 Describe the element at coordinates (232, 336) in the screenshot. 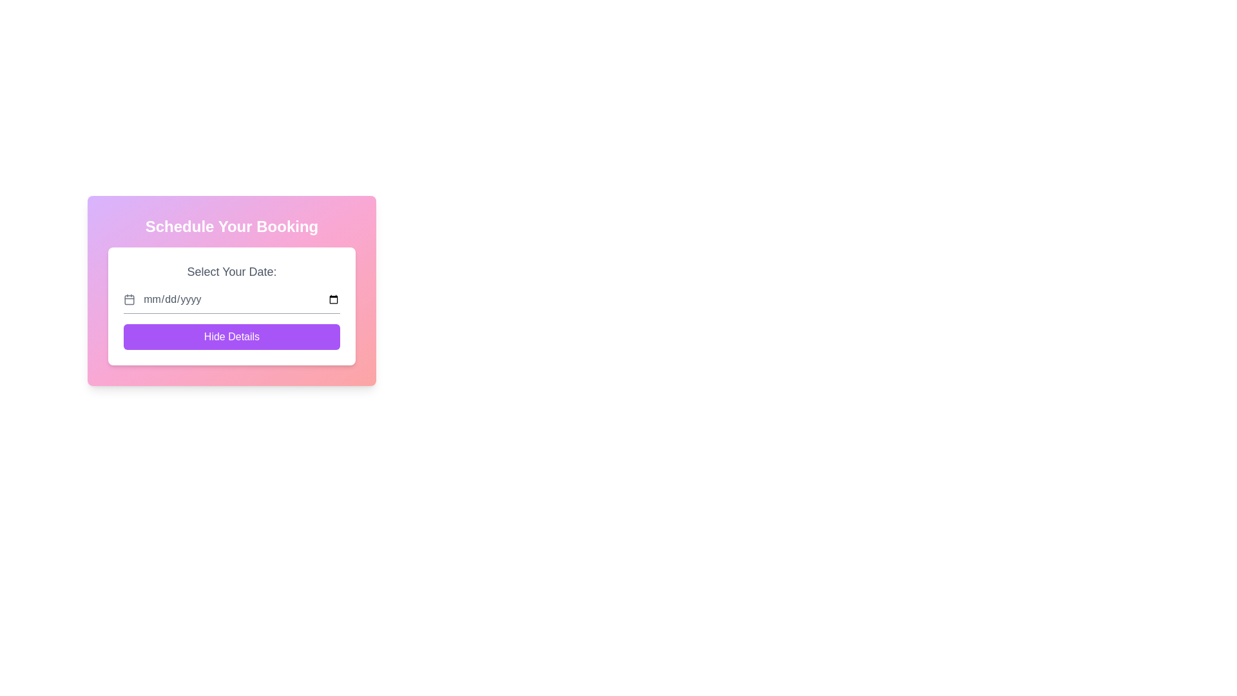

I see `the button located at the bottom of a white, rounded, shadowed box containing booking information` at that location.